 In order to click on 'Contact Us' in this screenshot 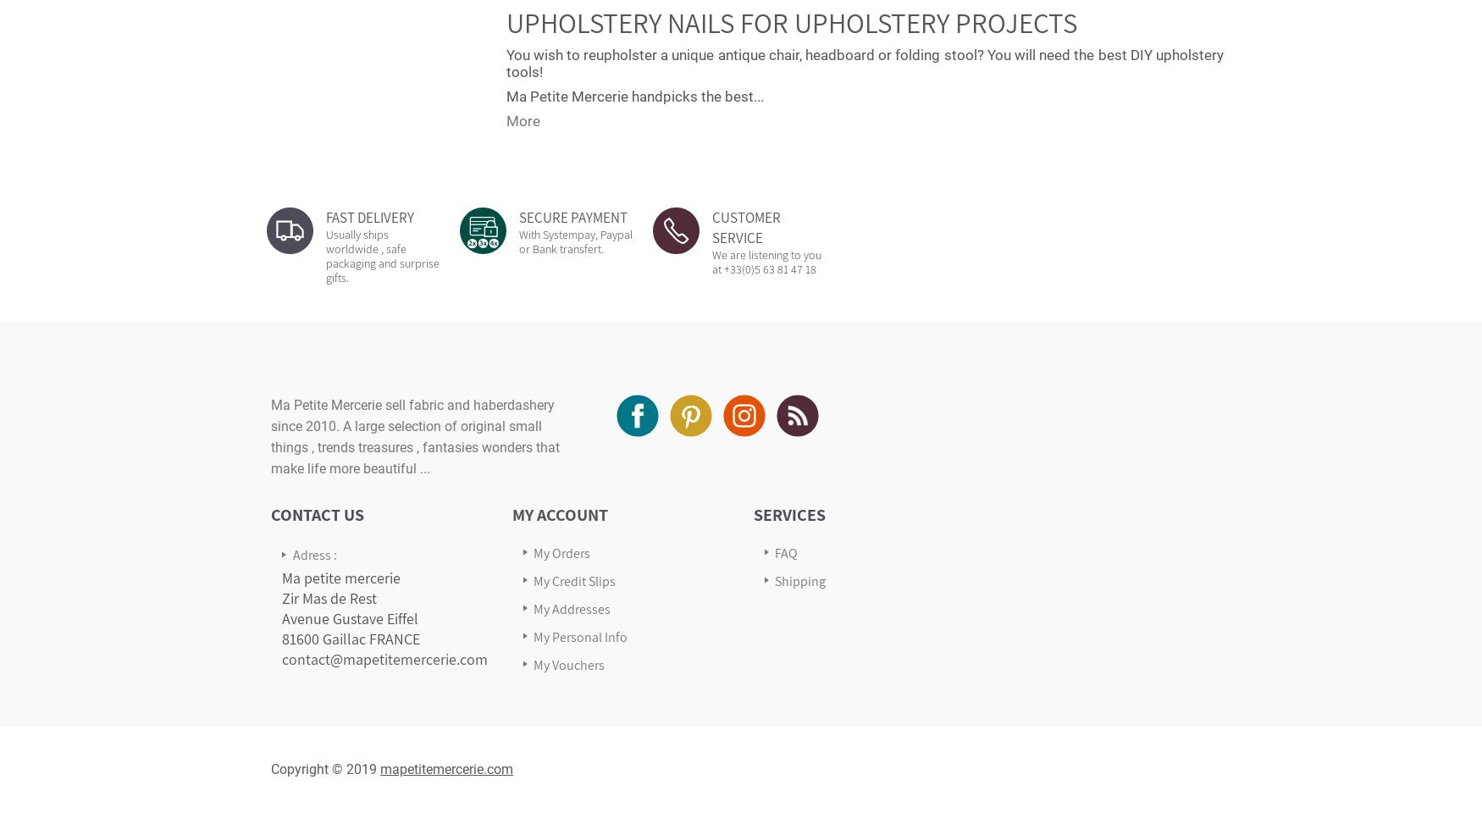, I will do `click(271, 513)`.